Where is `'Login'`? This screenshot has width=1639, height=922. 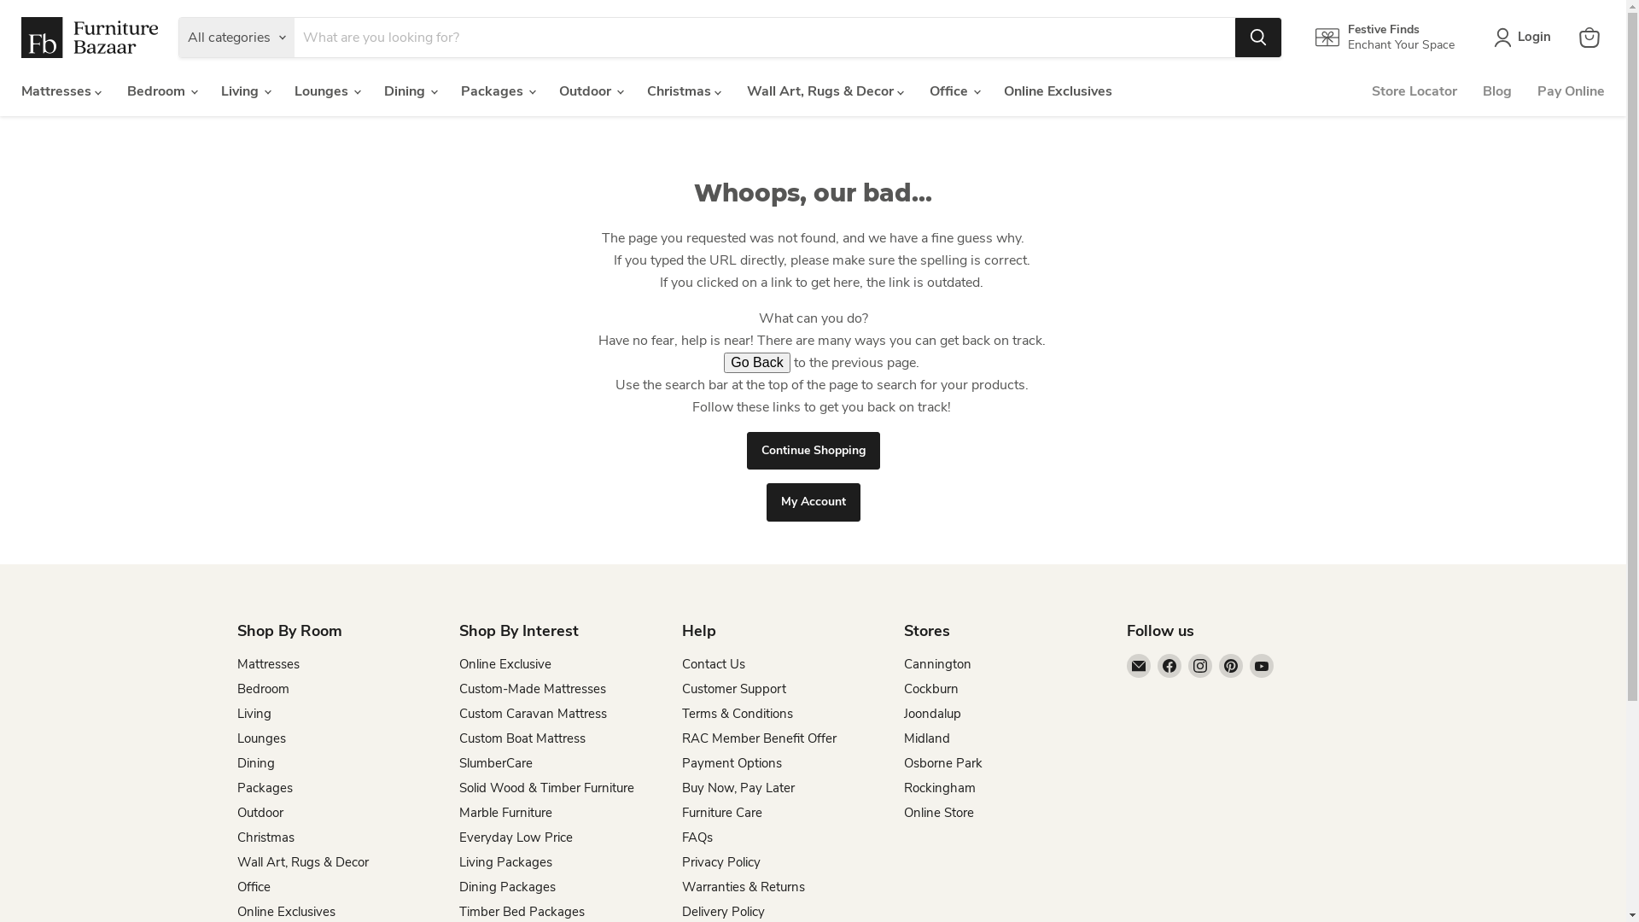
'Login' is located at coordinates (1525, 37).